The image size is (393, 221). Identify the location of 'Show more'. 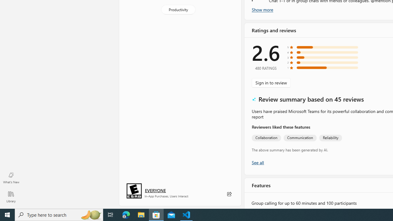
(263, 10).